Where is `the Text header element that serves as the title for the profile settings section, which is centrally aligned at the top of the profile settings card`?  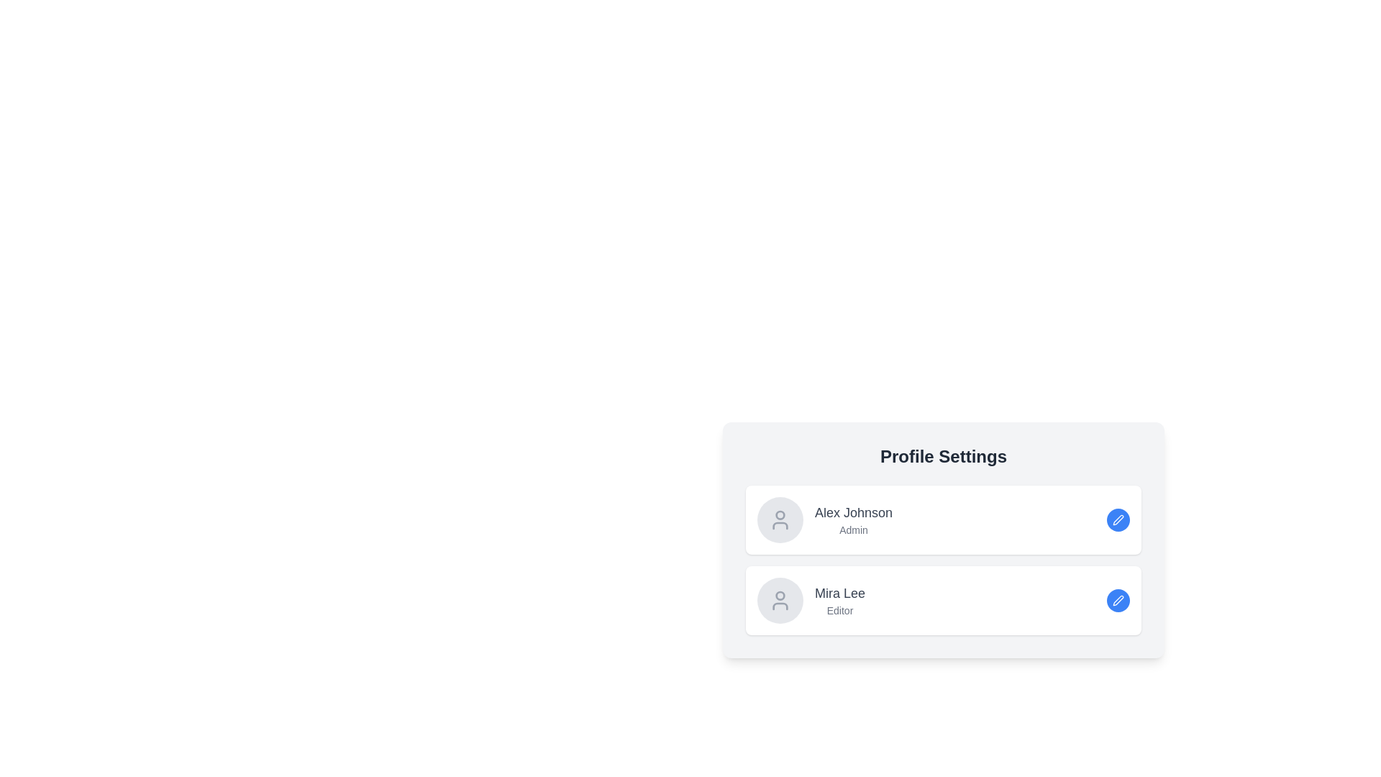
the Text header element that serves as the title for the profile settings section, which is centrally aligned at the top of the profile settings card is located at coordinates (943, 457).